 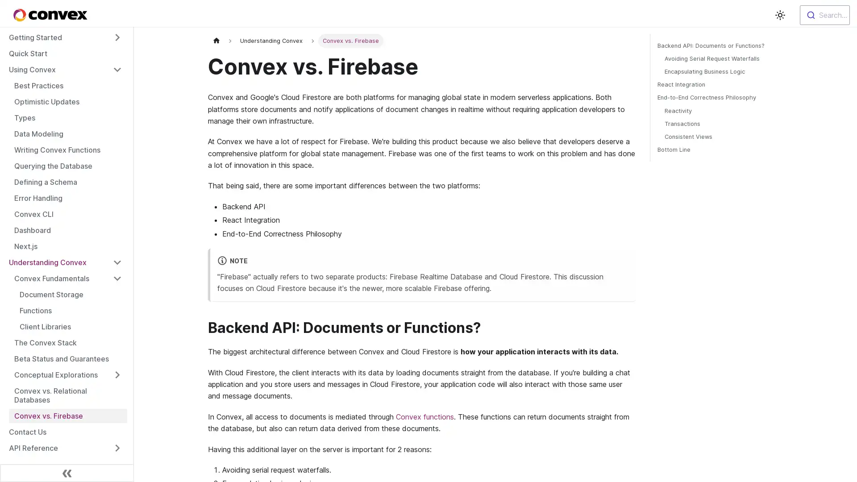 What do you see at coordinates (117, 262) in the screenshot?
I see `Toggle the collapsible sidebar category 'Understanding Convex'` at bounding box center [117, 262].